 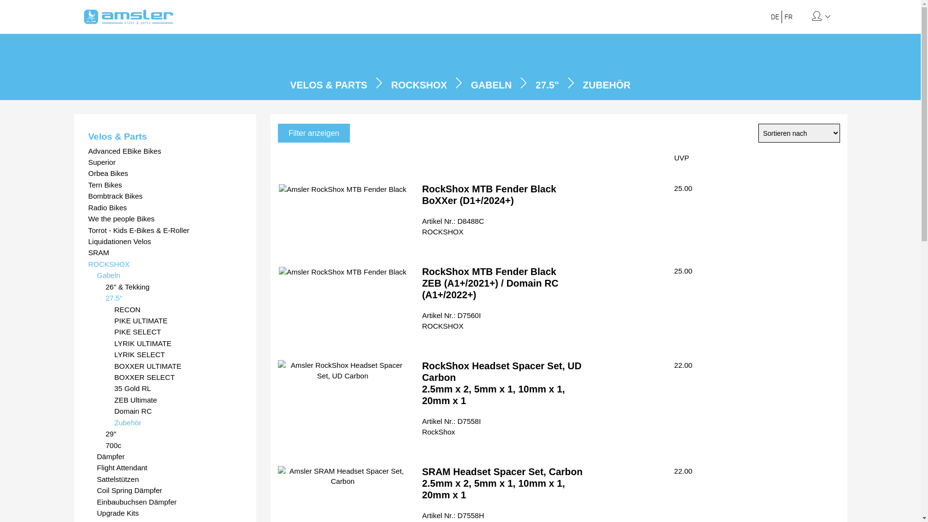 What do you see at coordinates (174, 286) in the screenshot?
I see `'26" & Tekking'` at bounding box center [174, 286].